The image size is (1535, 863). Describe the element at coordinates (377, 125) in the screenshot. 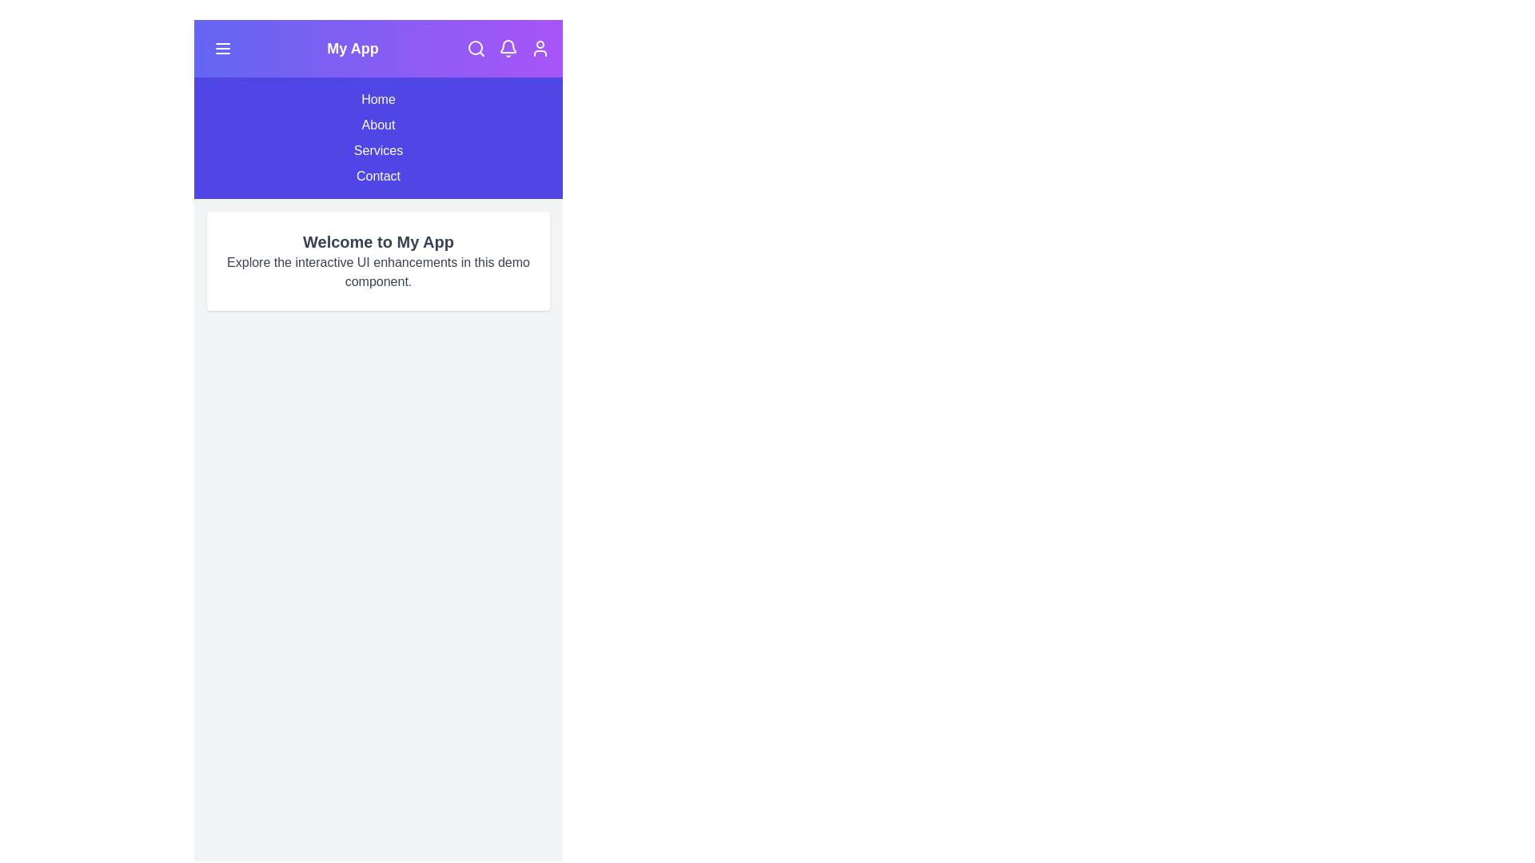

I see `the menu item About from the navigation menu` at that location.